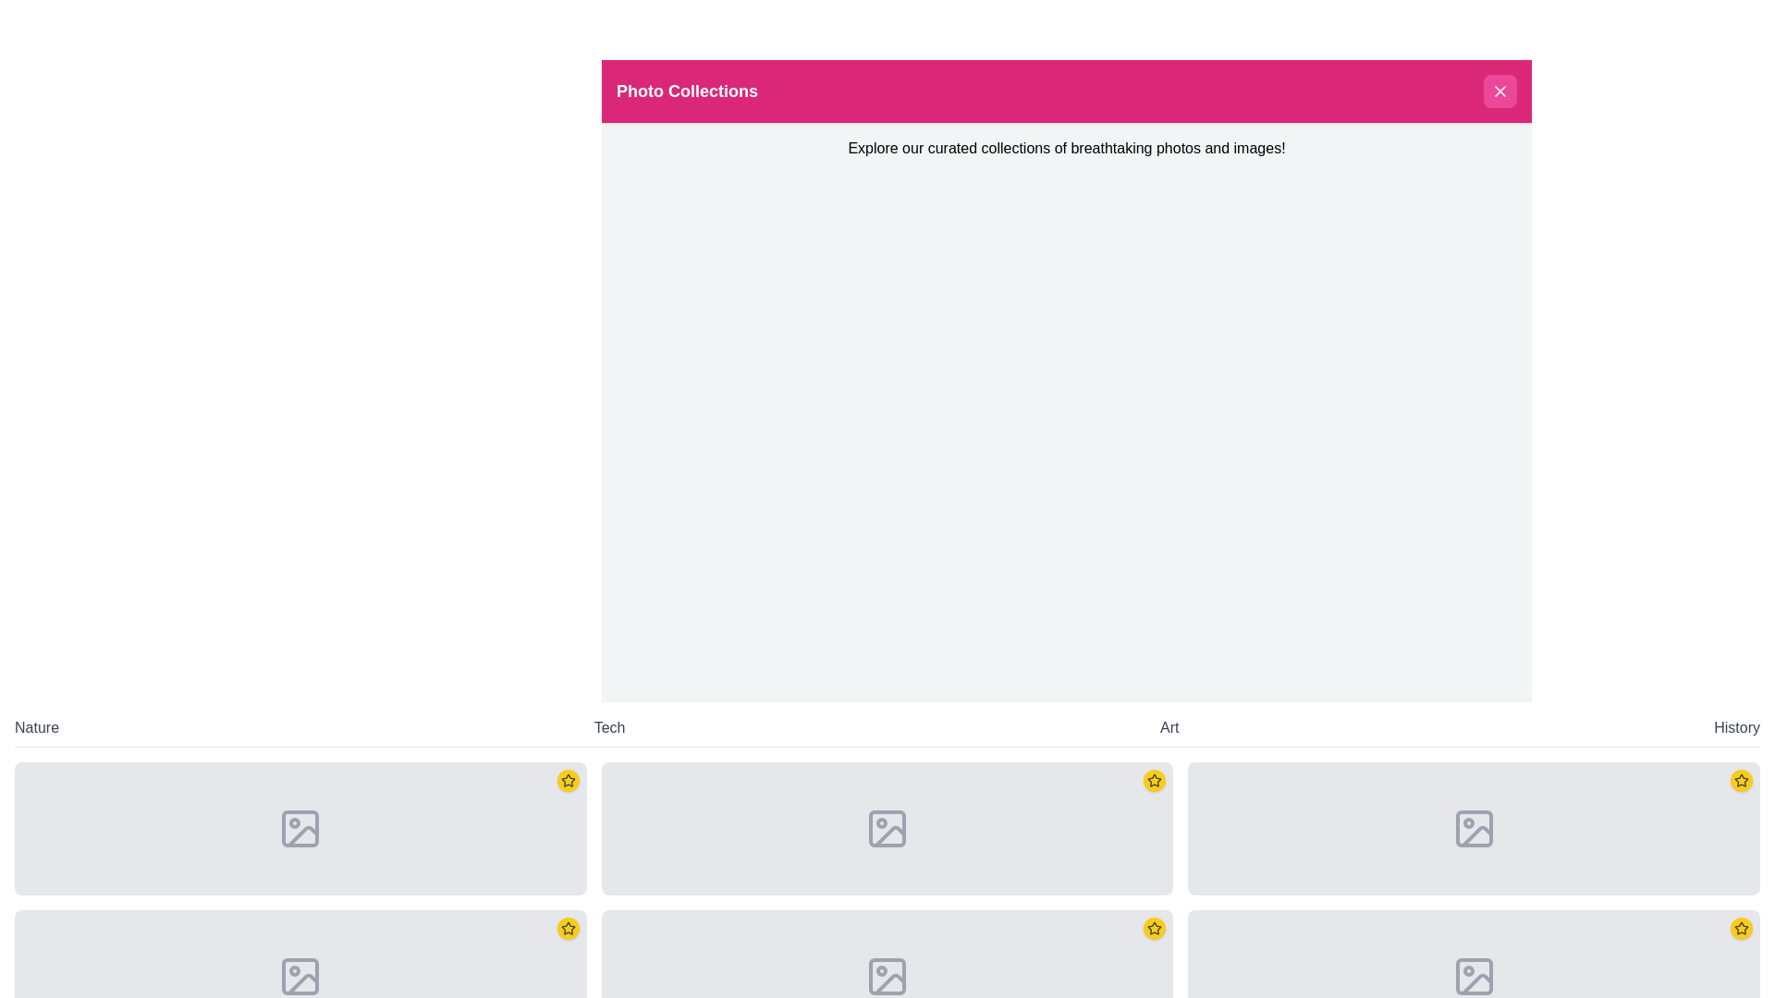 This screenshot has height=998, width=1775. Describe the element at coordinates (1739, 780) in the screenshot. I see `the star icon located in the bottom-right corner of the third rectangular card in the 'History' section to mark or unmark an item as favorite` at that location.